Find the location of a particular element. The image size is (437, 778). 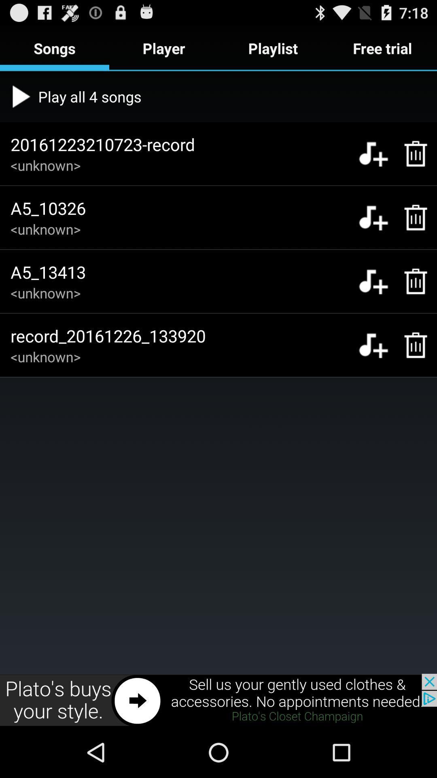

remove song is located at coordinates (412, 154).